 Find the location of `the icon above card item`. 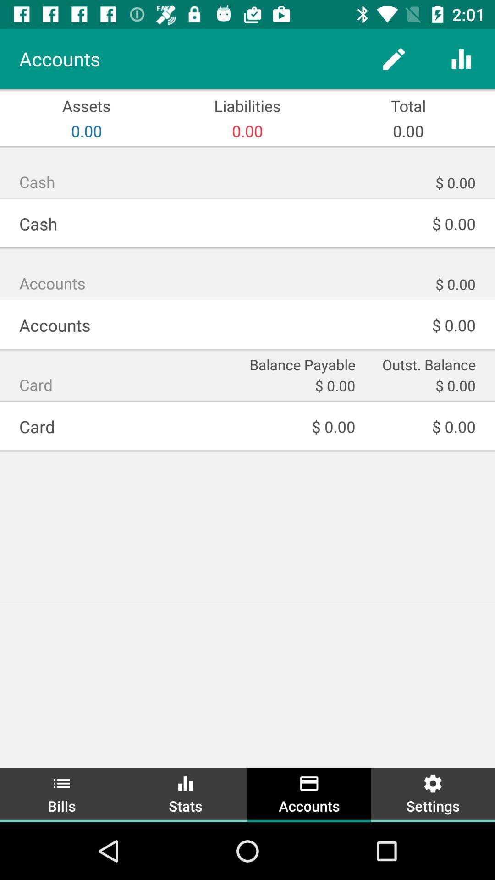

the icon above card item is located at coordinates (301, 363).